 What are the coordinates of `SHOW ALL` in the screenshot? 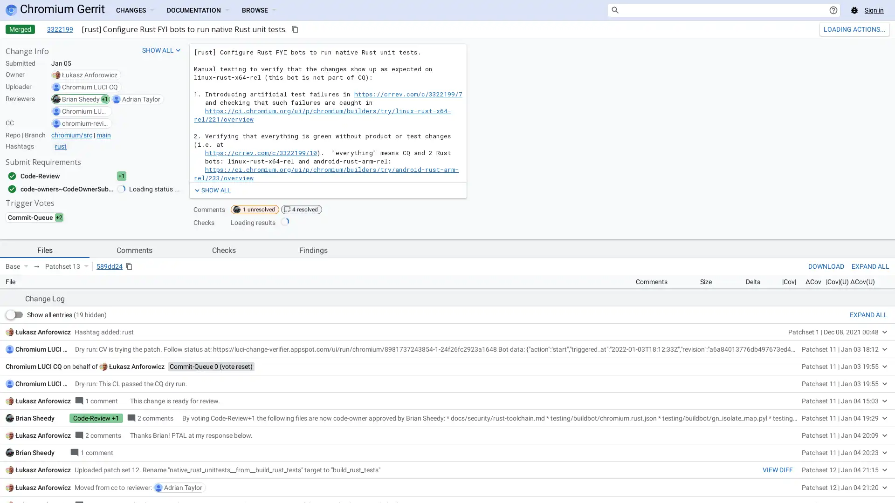 It's located at (162, 50).